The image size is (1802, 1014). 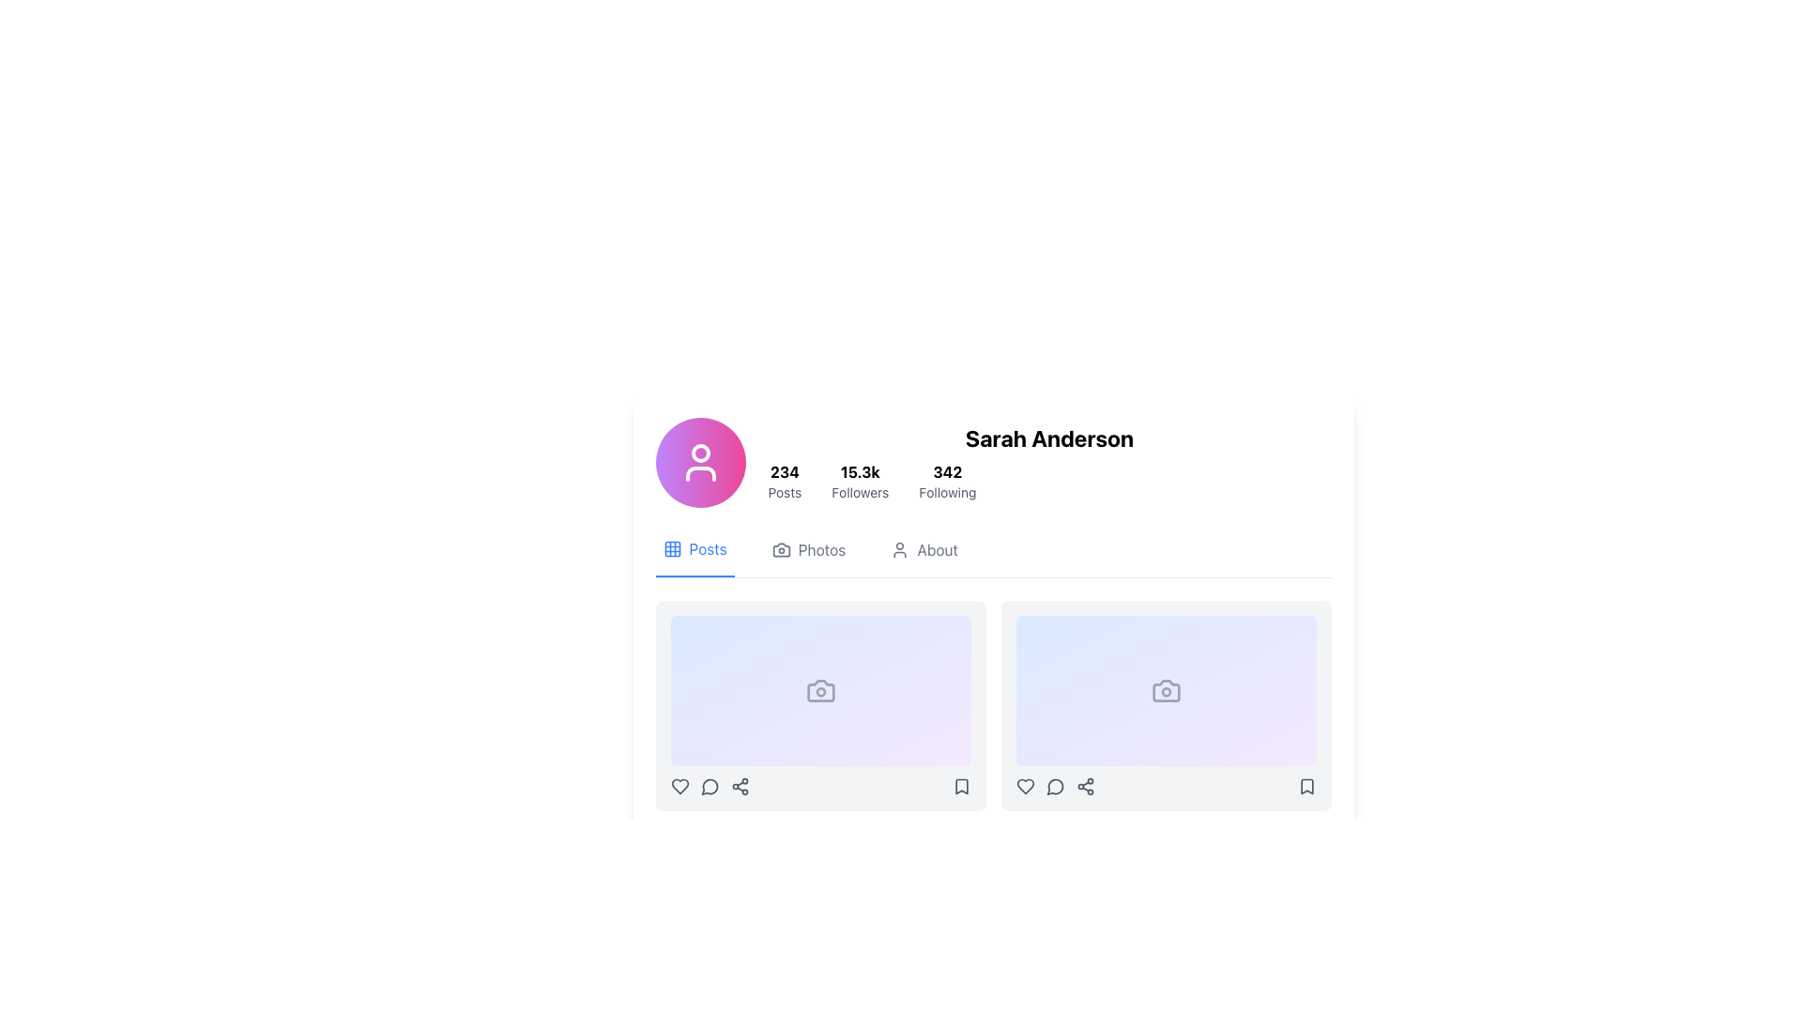 I want to click on the grid display option icon located to the left of the 'Posts' tab in the interface, so click(x=672, y=549).